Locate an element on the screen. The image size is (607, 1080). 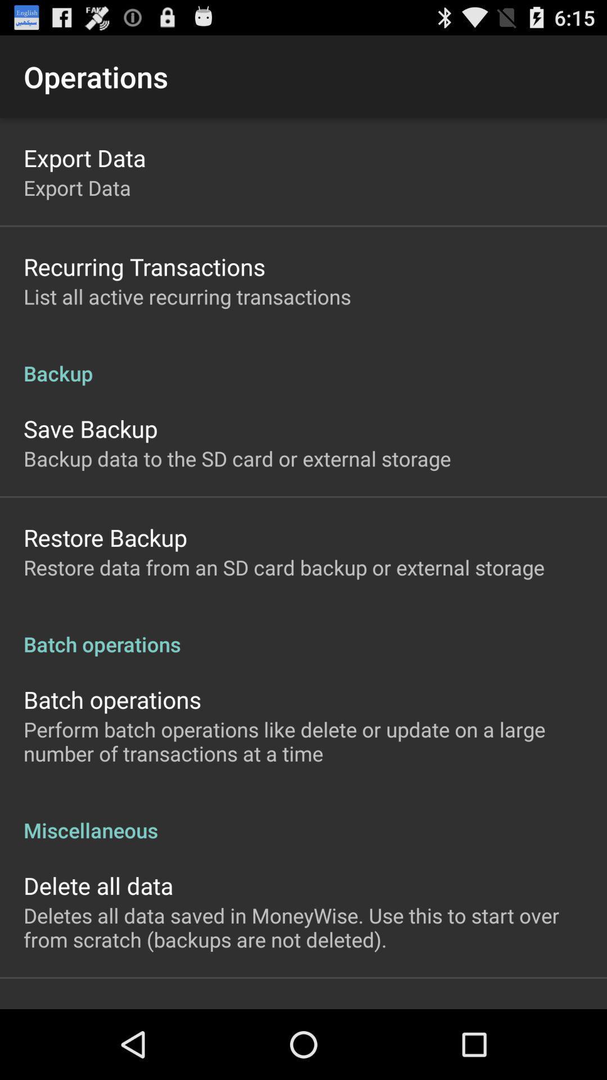
the icon above the delete all data app is located at coordinates (303, 818).